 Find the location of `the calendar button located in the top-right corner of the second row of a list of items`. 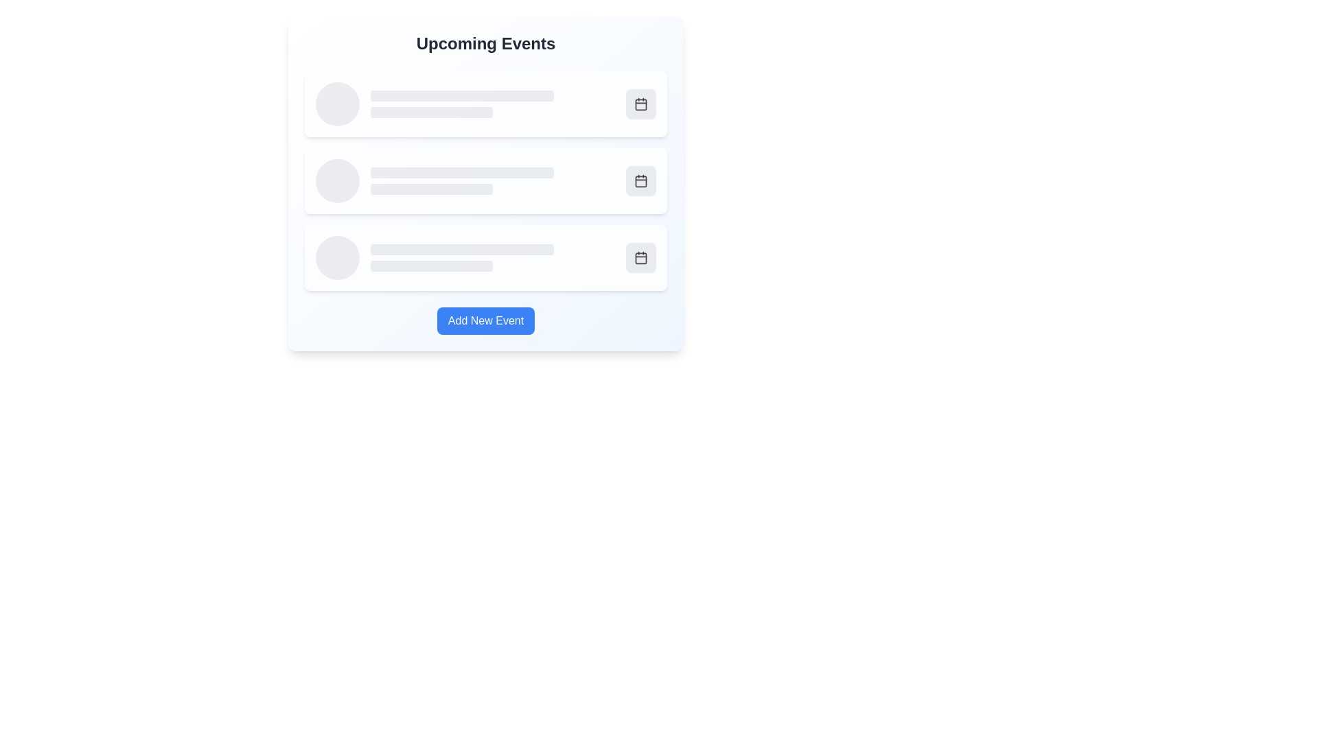

the calendar button located in the top-right corner of the second row of a list of items is located at coordinates (640, 180).